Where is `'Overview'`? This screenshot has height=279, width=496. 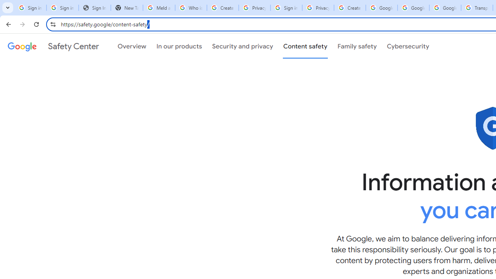 'Overview' is located at coordinates (132, 46).